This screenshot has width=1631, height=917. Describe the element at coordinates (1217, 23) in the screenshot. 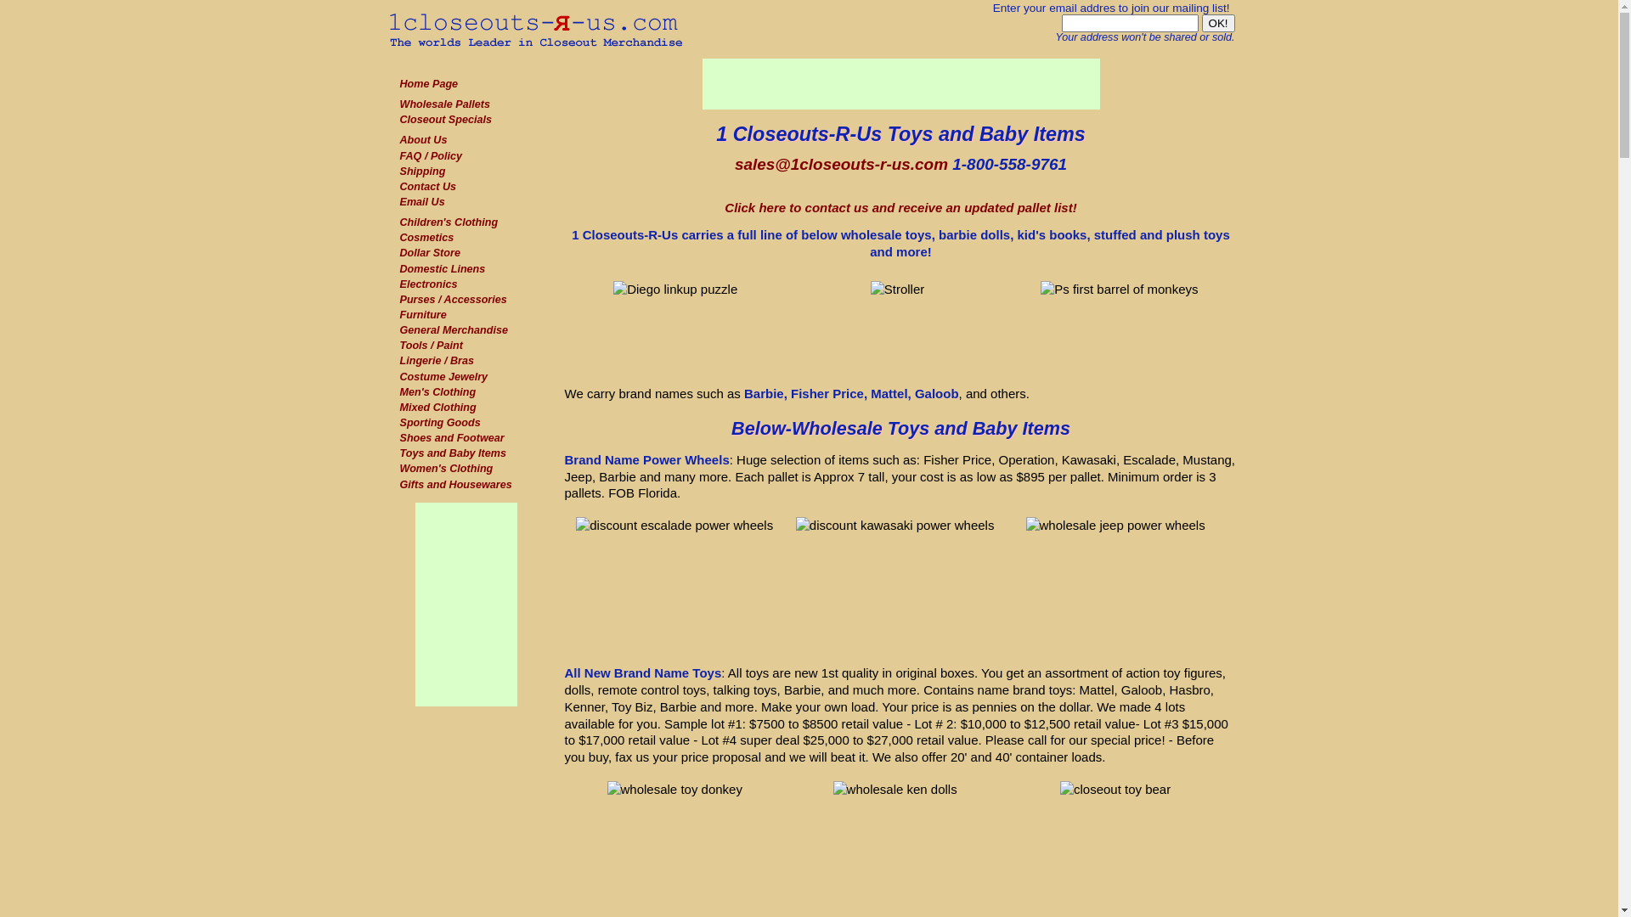

I see `'OK!'` at that location.